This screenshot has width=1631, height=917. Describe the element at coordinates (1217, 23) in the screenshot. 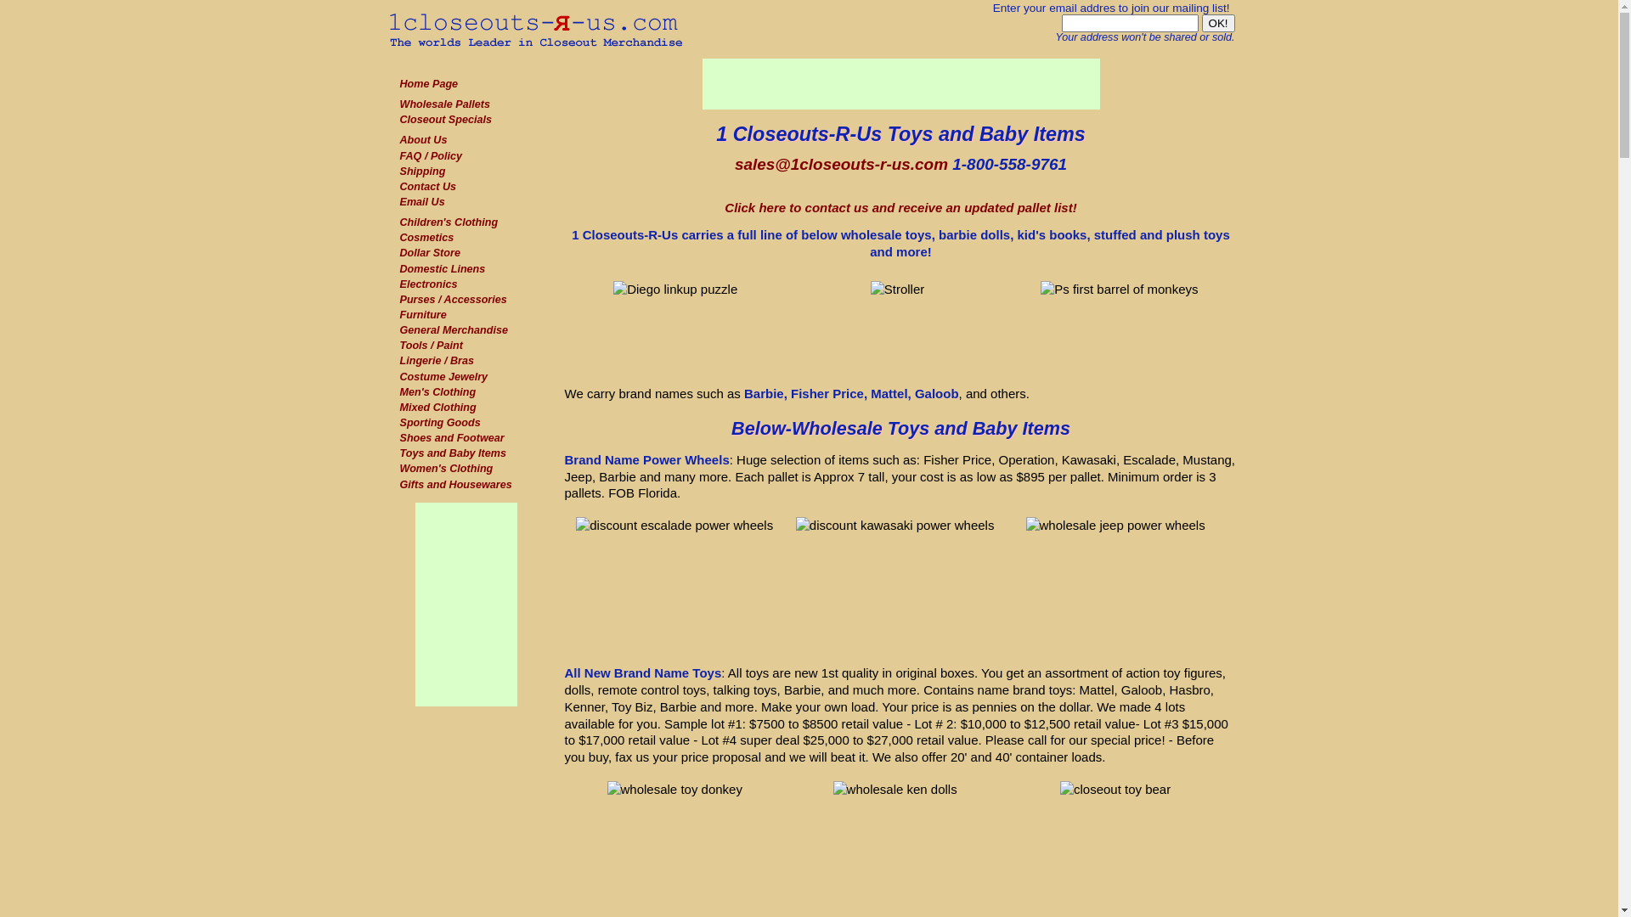

I see `'OK!'` at that location.